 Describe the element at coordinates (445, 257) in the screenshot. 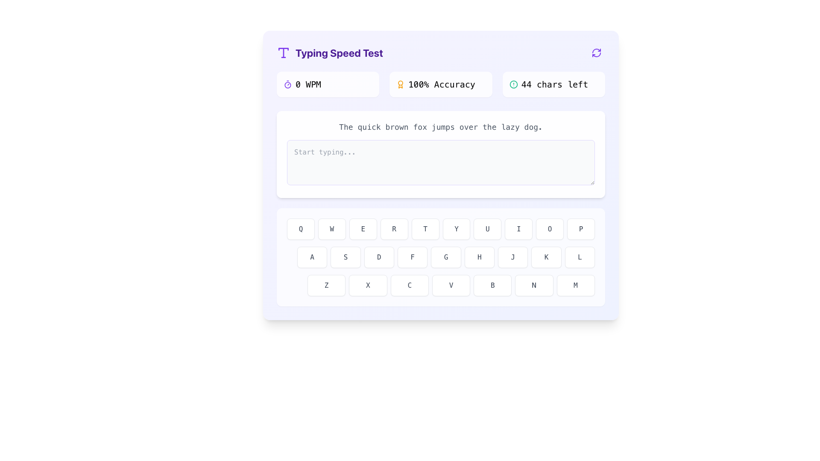

I see `the 'G' key button in the typing interface to simulate typing 'G'` at that location.